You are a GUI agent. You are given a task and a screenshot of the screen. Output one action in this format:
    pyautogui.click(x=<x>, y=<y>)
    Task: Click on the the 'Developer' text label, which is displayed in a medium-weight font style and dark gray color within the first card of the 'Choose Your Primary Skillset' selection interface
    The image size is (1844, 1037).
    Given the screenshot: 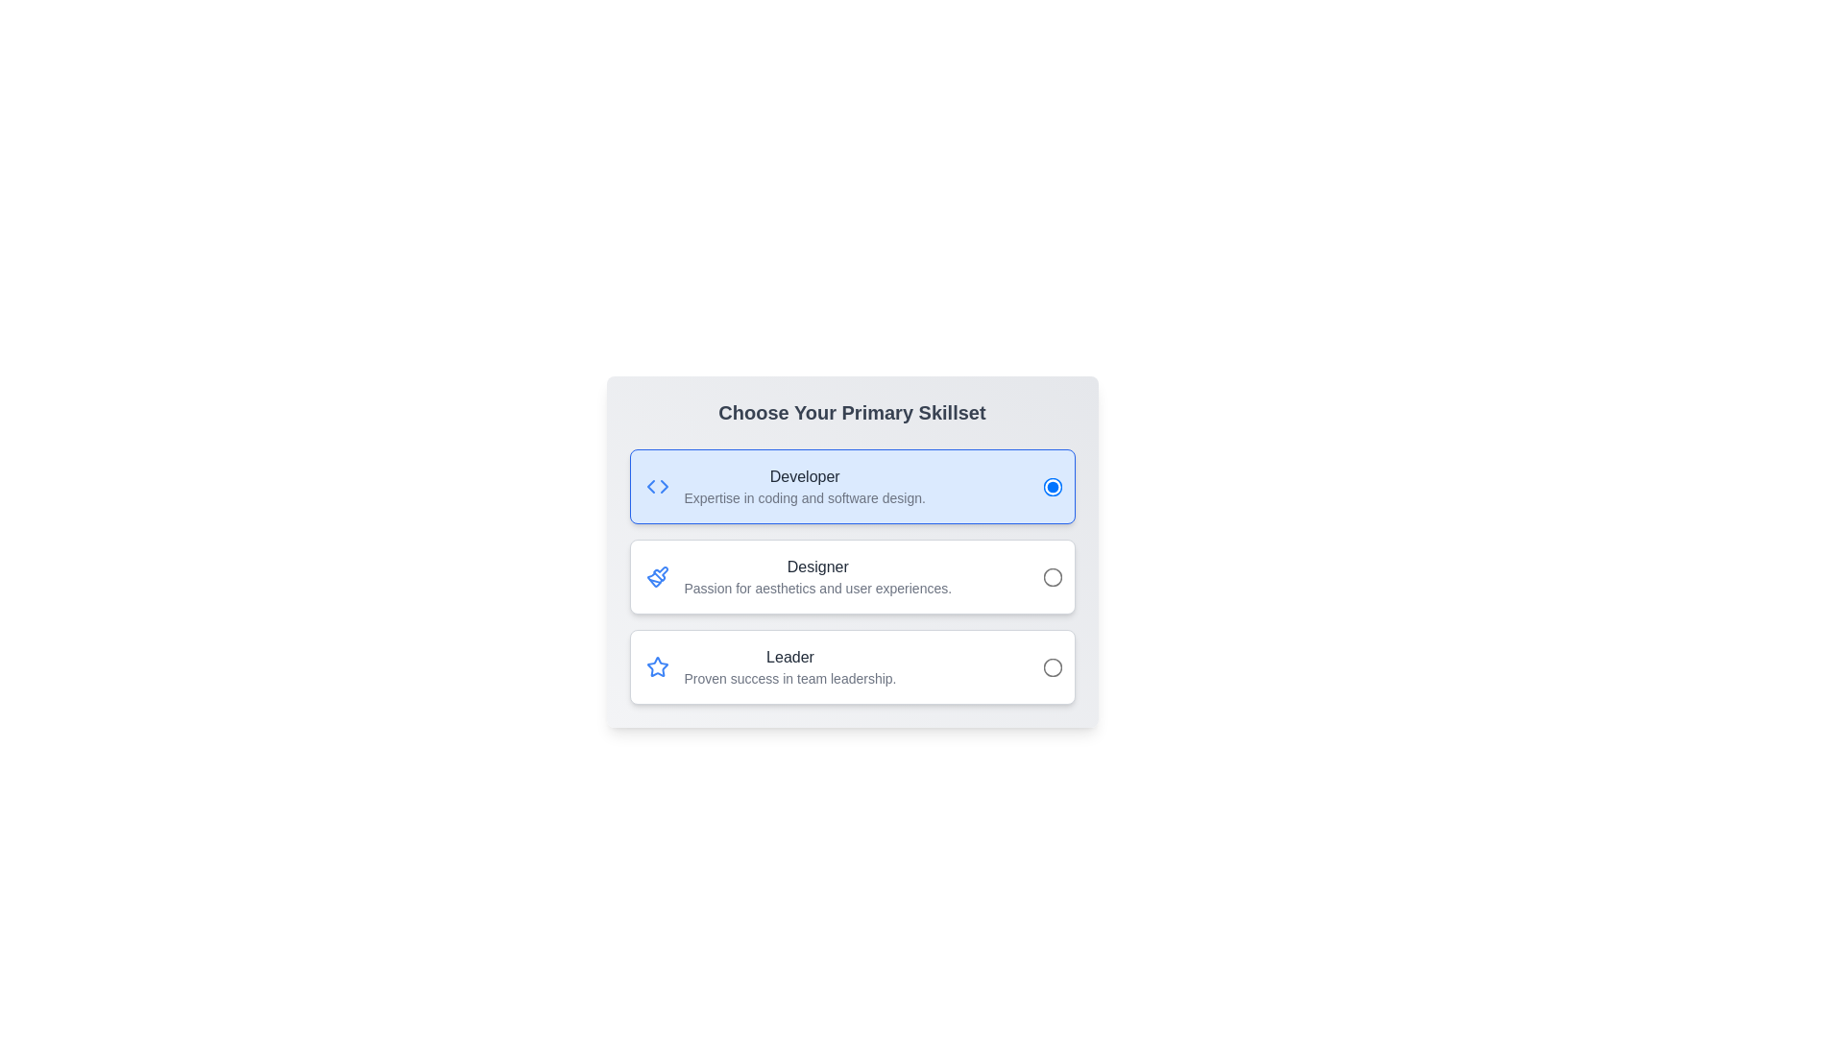 What is the action you would take?
    pyautogui.click(x=805, y=476)
    